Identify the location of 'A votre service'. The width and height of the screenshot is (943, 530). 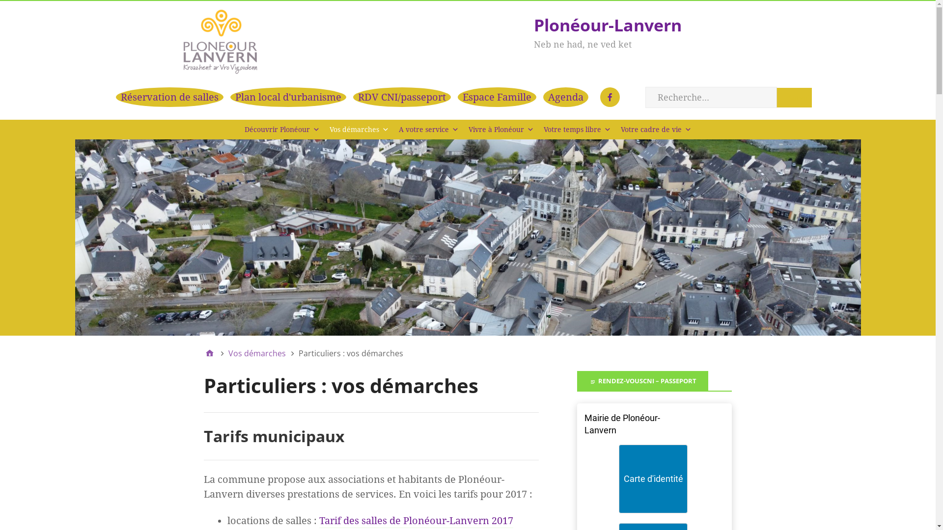
(429, 129).